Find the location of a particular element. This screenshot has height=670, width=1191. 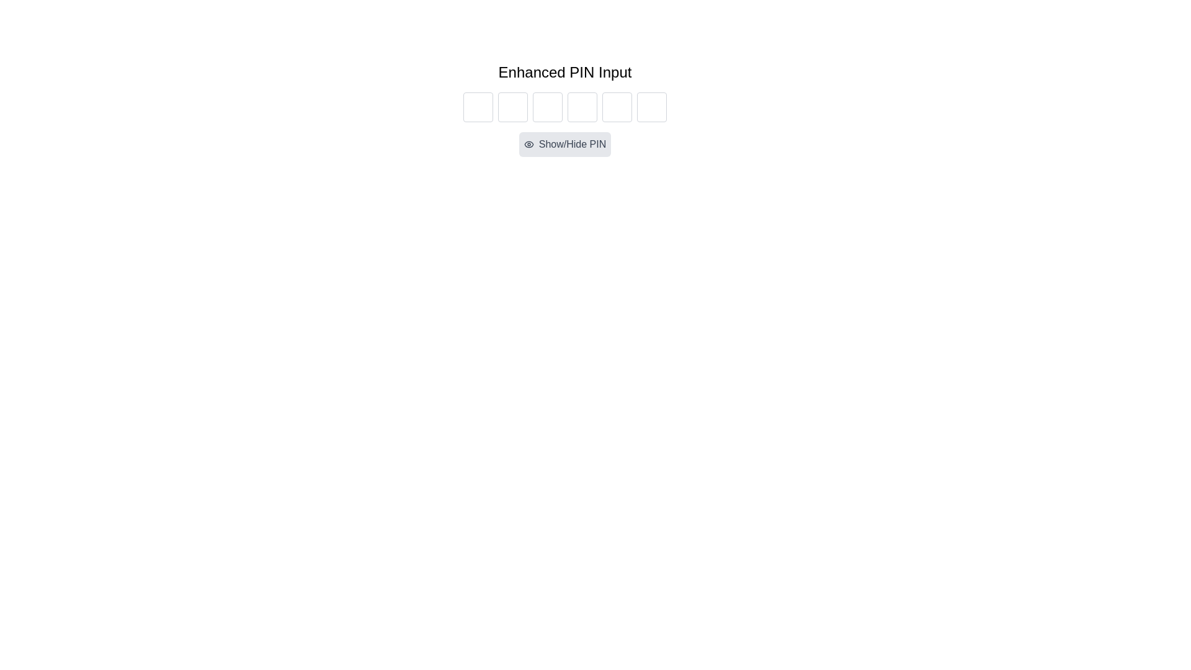

the toggle button for showing or hiding the entered PIN characters located centrally aligned below the input boxes is located at coordinates (564, 124).